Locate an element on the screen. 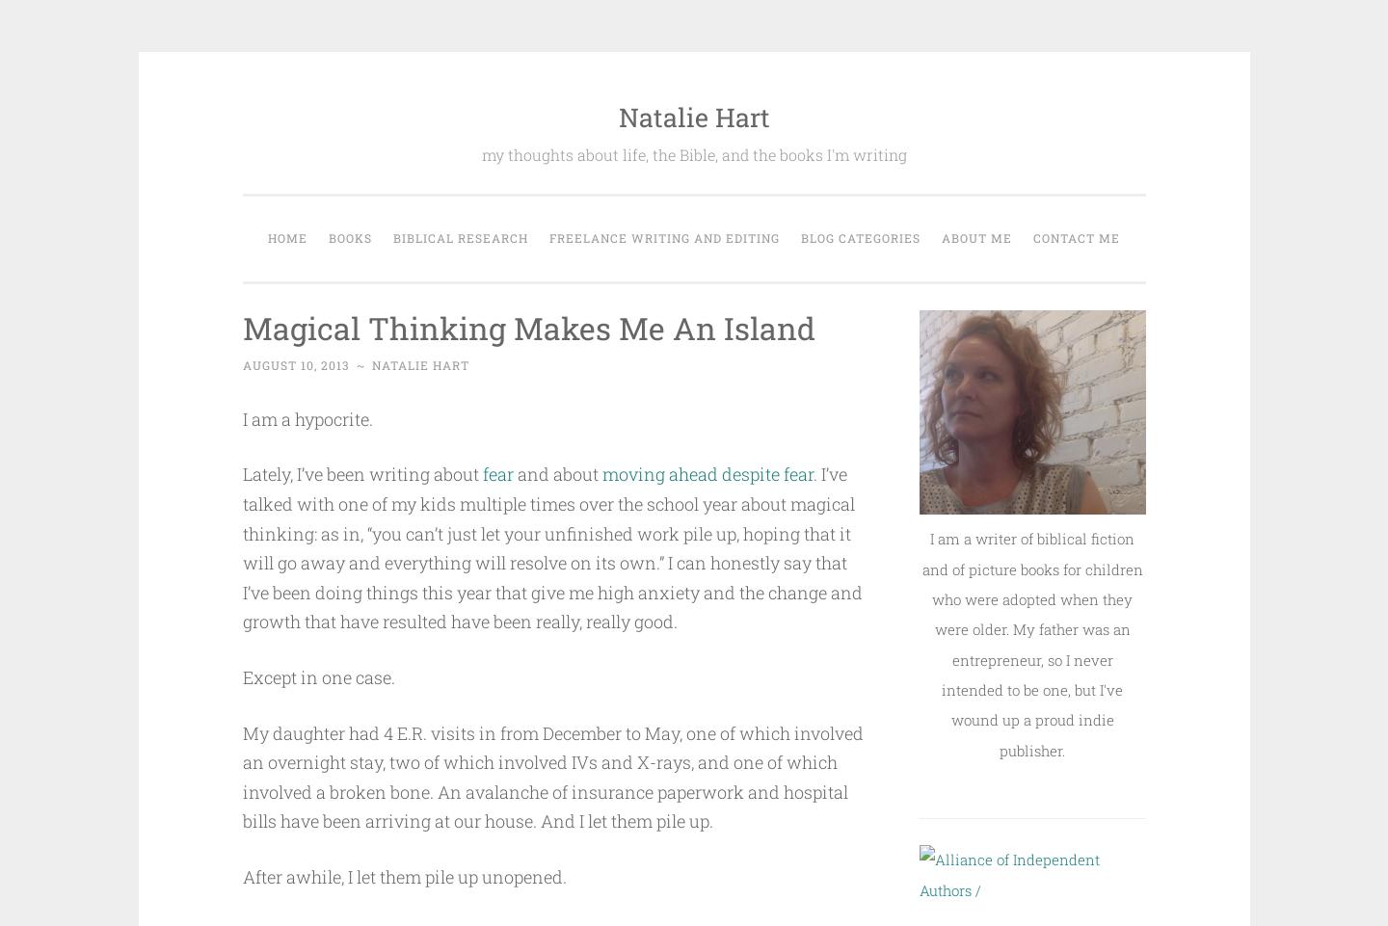  'Blog Categories' is located at coordinates (859, 236).